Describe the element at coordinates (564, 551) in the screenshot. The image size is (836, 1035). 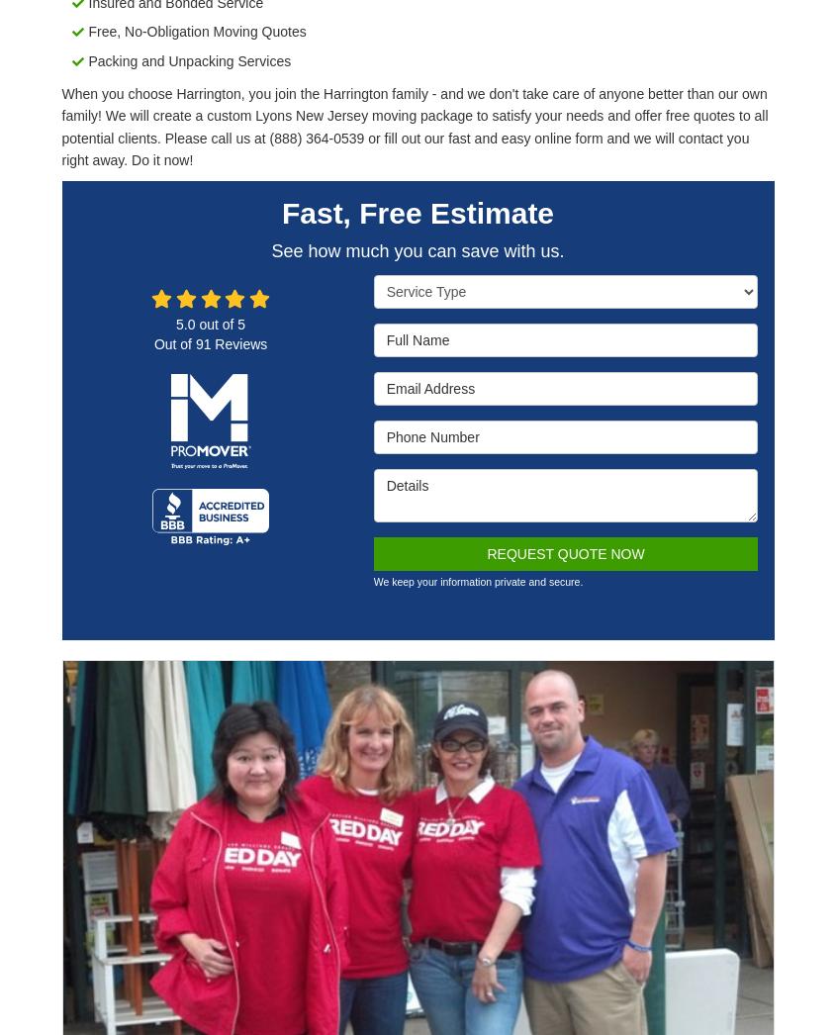
I see `'Request Quote Now'` at that location.